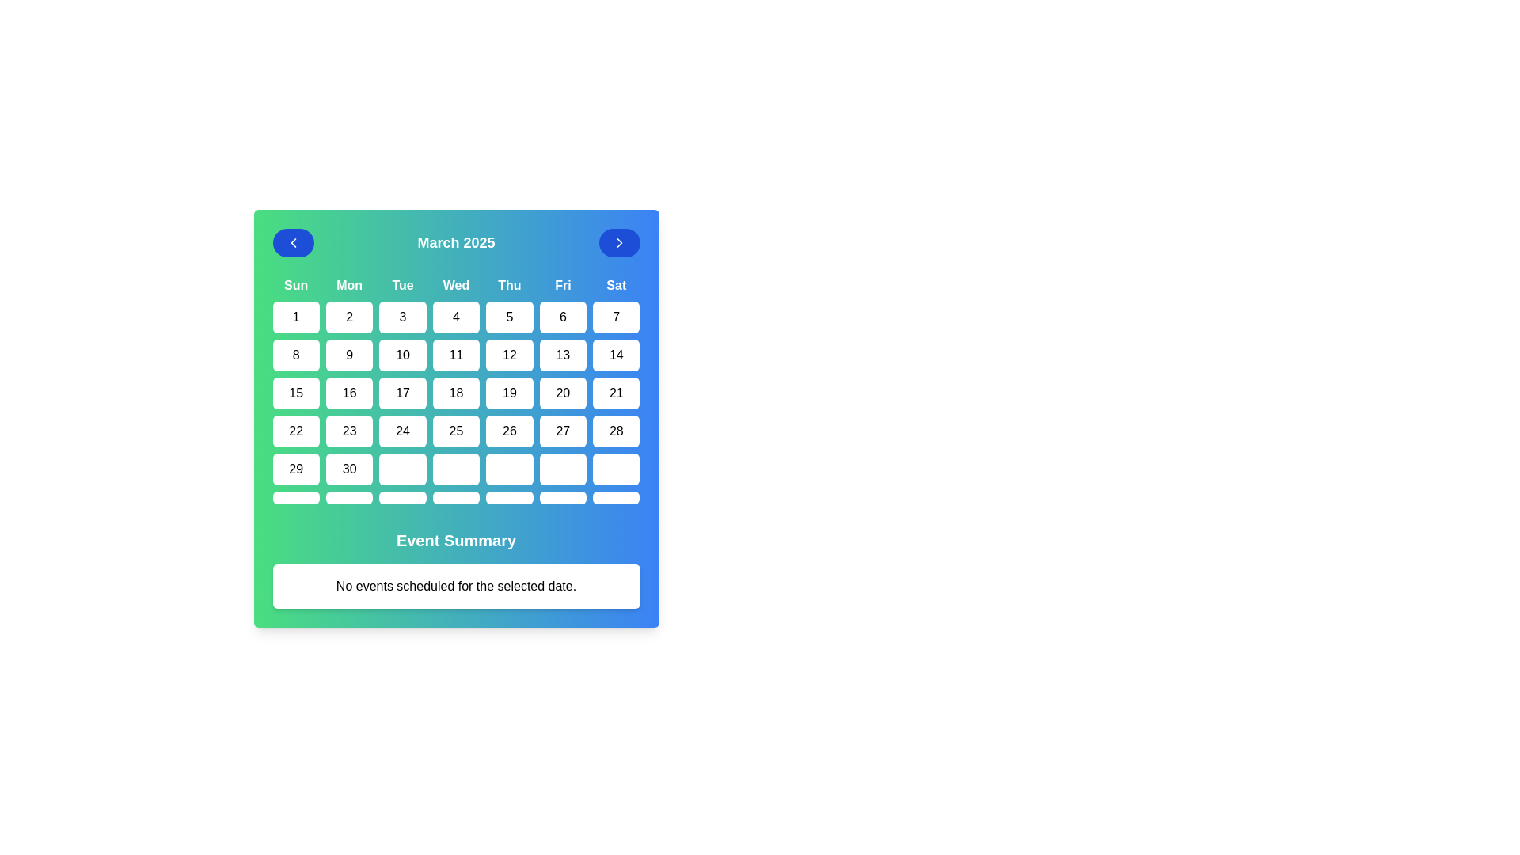 This screenshot has width=1520, height=855. Describe the element at coordinates (563, 431) in the screenshot. I see `the rounded rectangular button displaying '27' in black text located in the sixth row under the 'Fri' column of the calendar grid to change its background color to light green` at that location.